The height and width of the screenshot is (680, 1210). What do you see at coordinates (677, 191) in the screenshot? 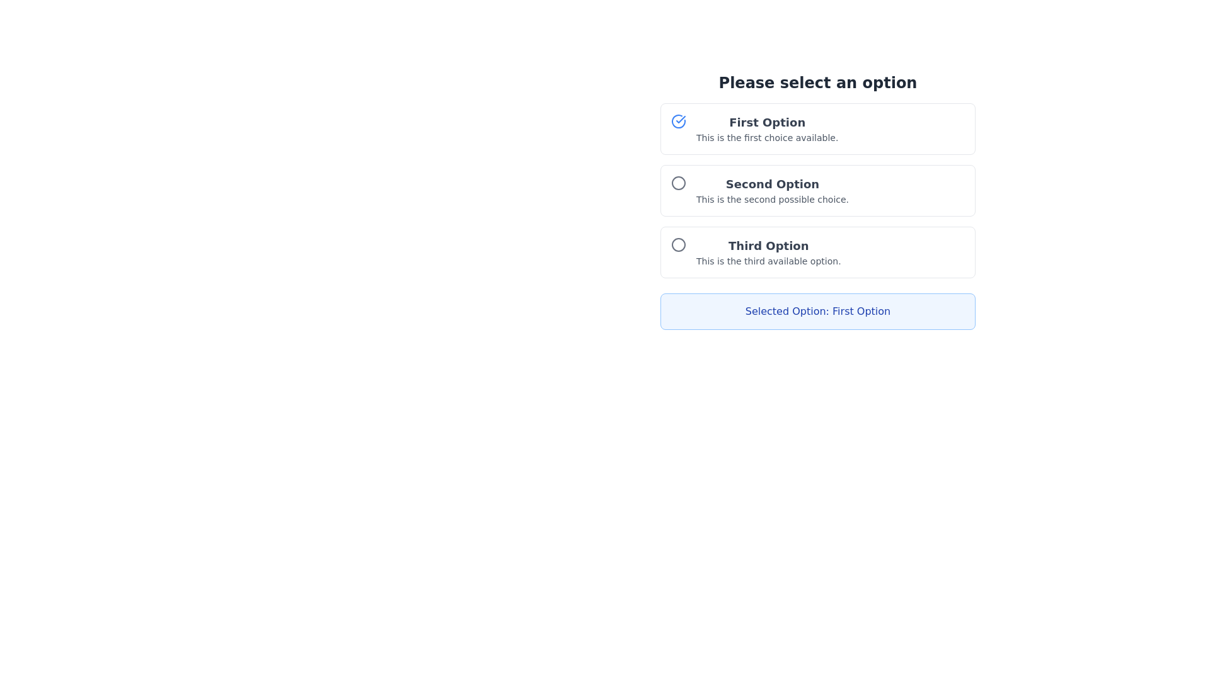
I see `the unselected Radio Button Icon located to the left of the text 'Second Option' in the user interface` at bounding box center [677, 191].